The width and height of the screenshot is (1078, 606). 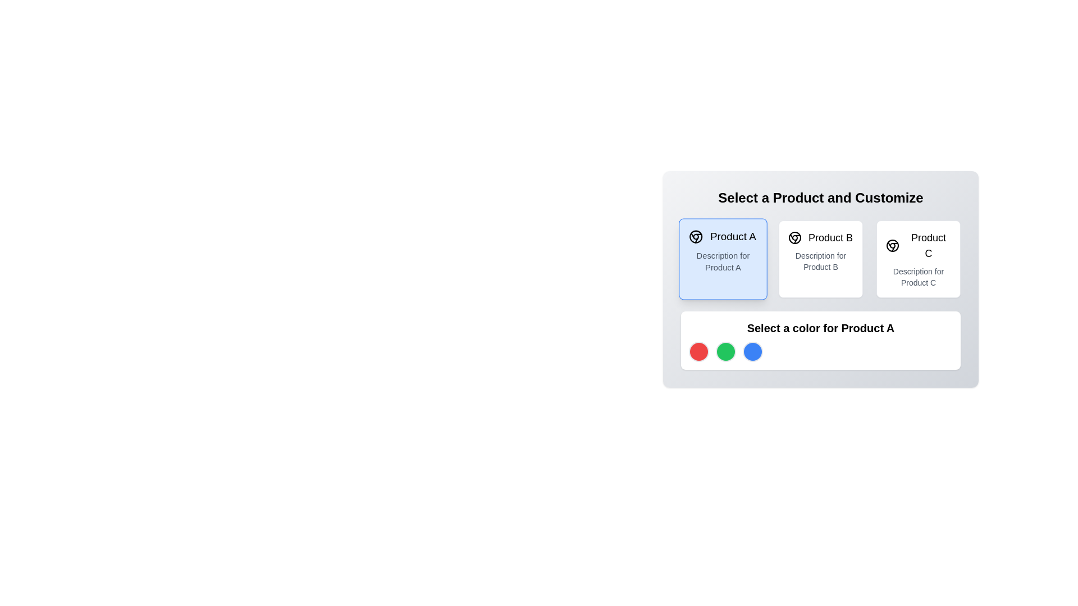 I want to click on the text label displaying 'Description for Product A', which is styled in gray on a light blue background, positioned below the title 'Product A', so click(x=723, y=261).